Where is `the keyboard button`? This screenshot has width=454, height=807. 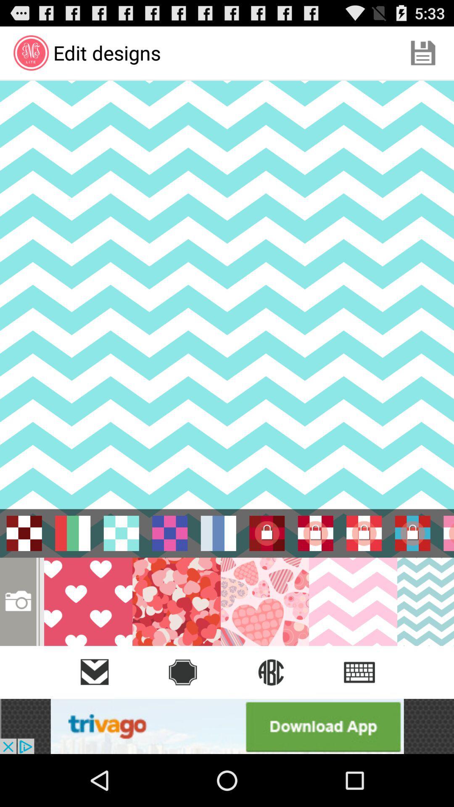 the keyboard button is located at coordinates (359, 672).